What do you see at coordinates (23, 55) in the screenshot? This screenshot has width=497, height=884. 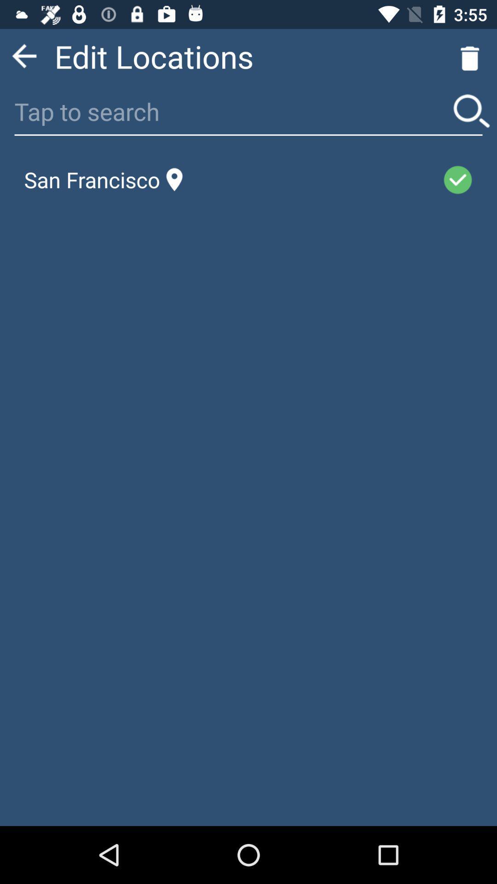 I see `the arrow_backward icon` at bounding box center [23, 55].